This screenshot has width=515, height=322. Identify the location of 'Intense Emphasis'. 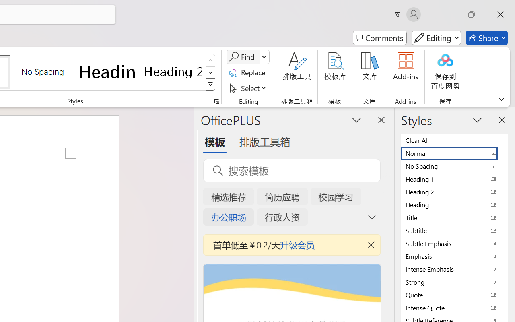
(455, 269).